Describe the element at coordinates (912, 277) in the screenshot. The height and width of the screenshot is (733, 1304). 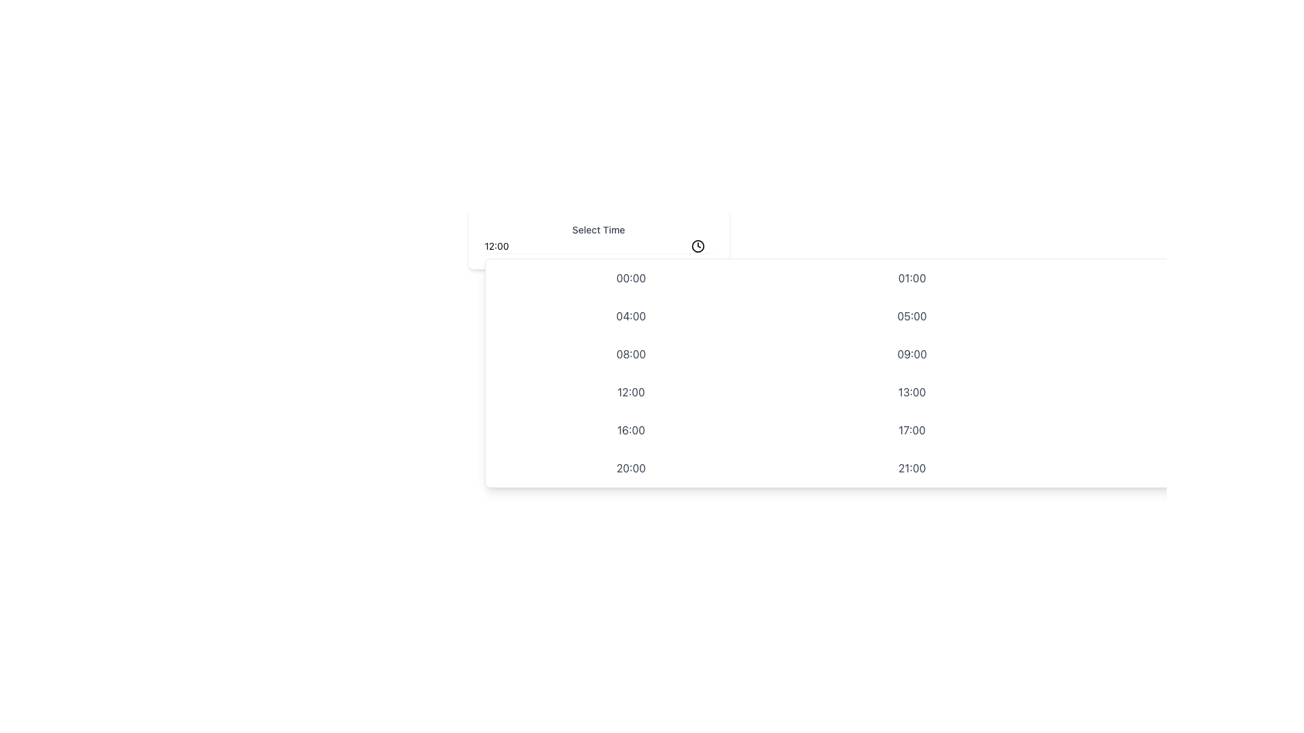
I see `the time entry button displaying '01:00'` at that location.